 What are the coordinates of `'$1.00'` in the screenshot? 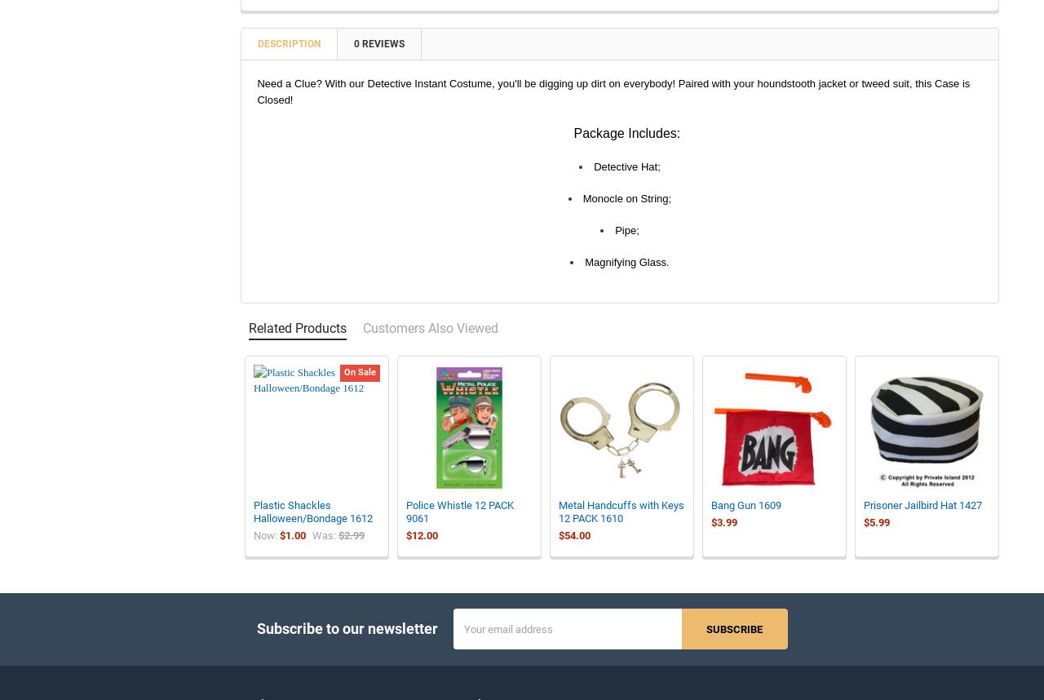 It's located at (292, 546).